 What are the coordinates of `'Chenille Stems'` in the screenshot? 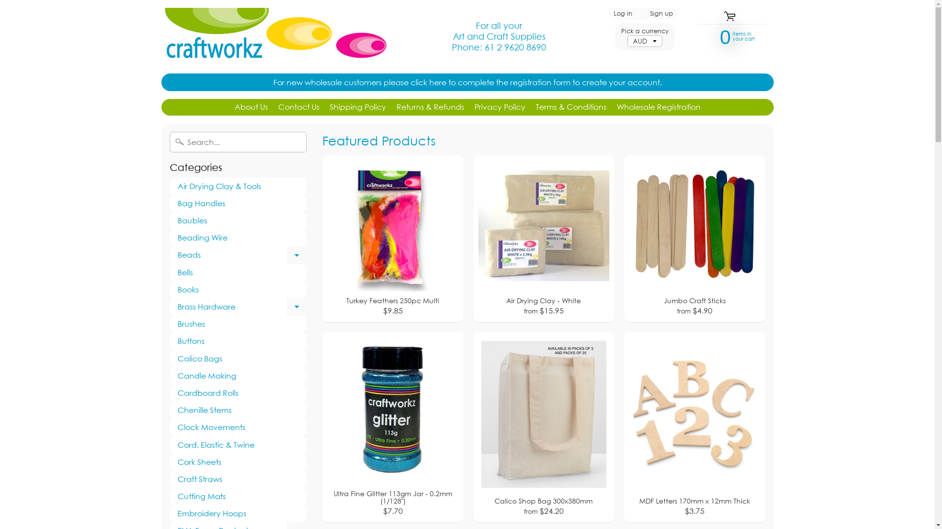 It's located at (238, 410).